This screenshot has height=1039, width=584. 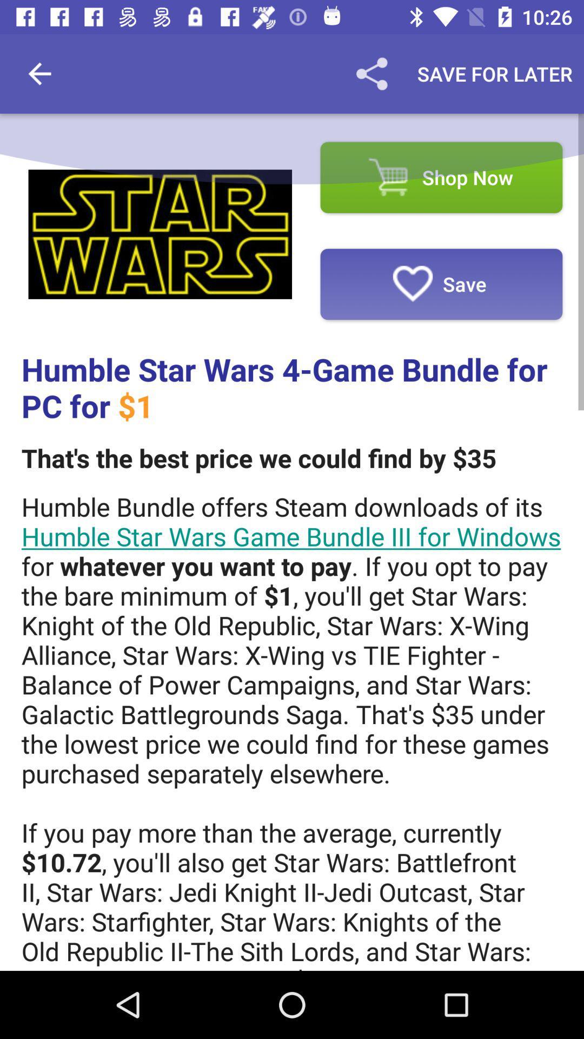 I want to click on the item to the left of save for later icon, so click(x=371, y=73).